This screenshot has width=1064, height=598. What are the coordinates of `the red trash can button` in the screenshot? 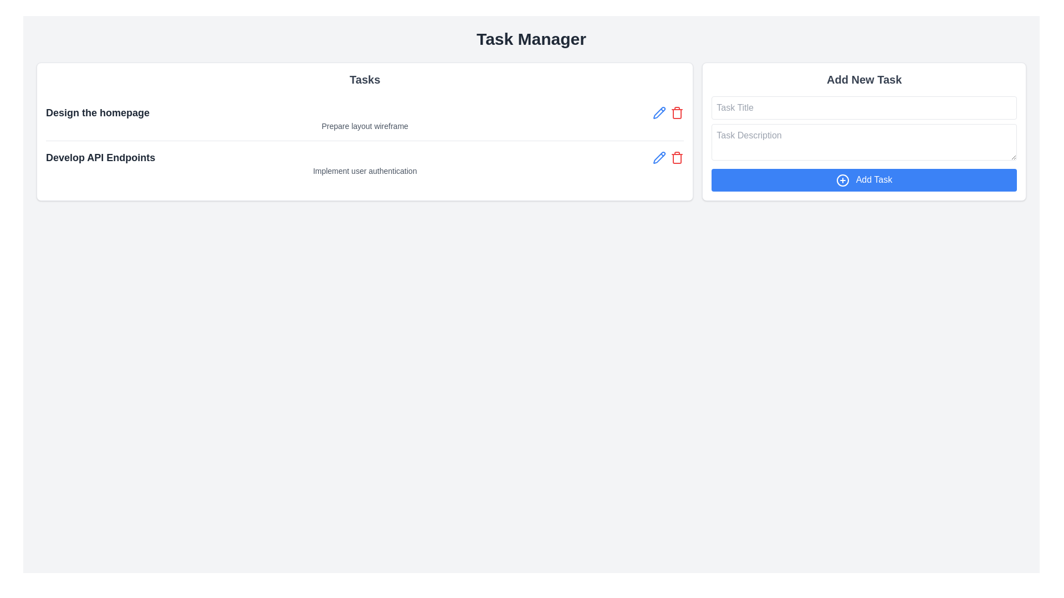 It's located at (677, 113).